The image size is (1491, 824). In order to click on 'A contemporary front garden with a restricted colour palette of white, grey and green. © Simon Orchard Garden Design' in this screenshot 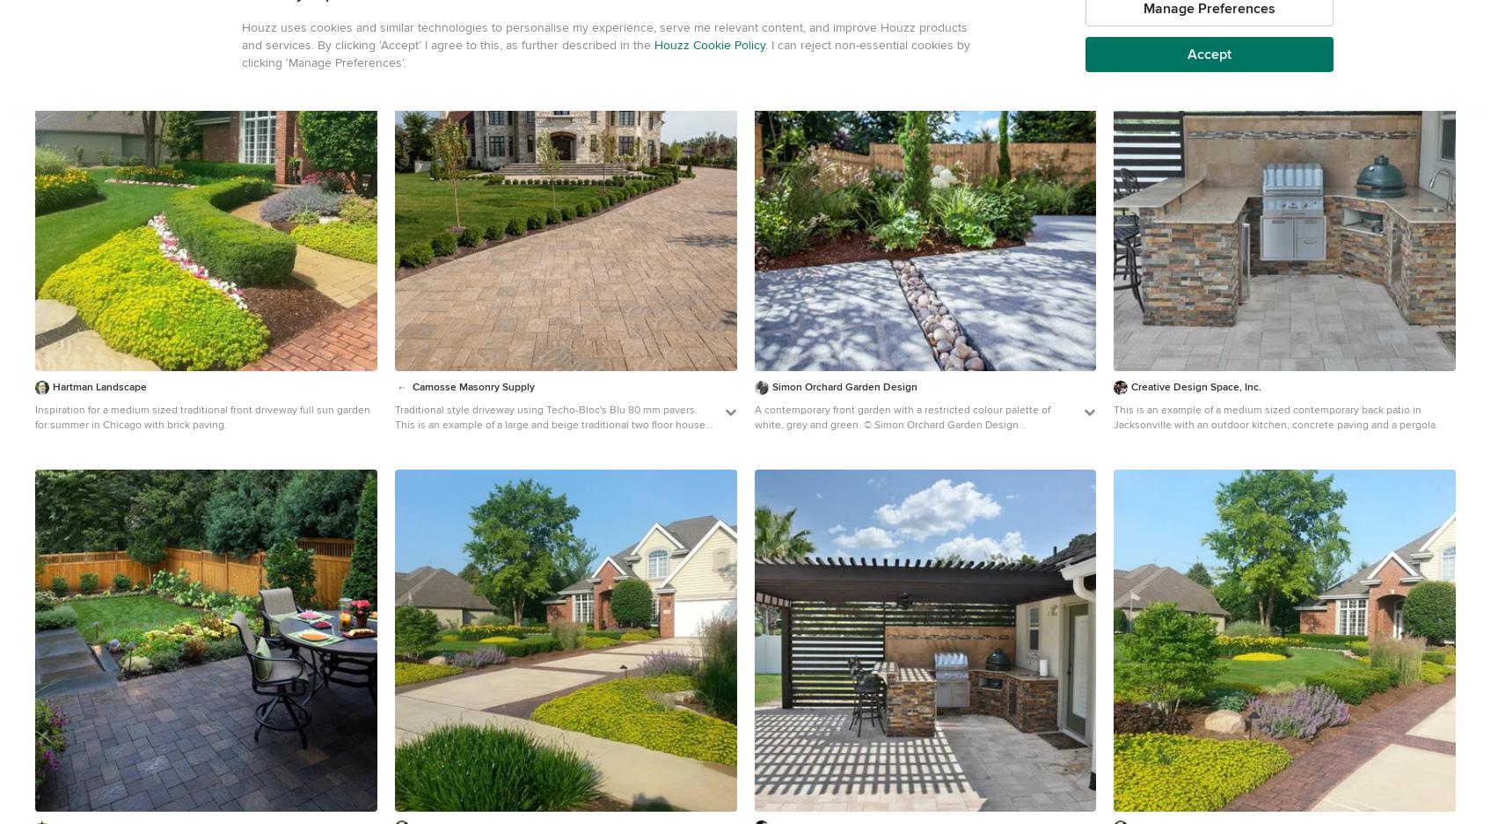, I will do `click(752, 417)`.